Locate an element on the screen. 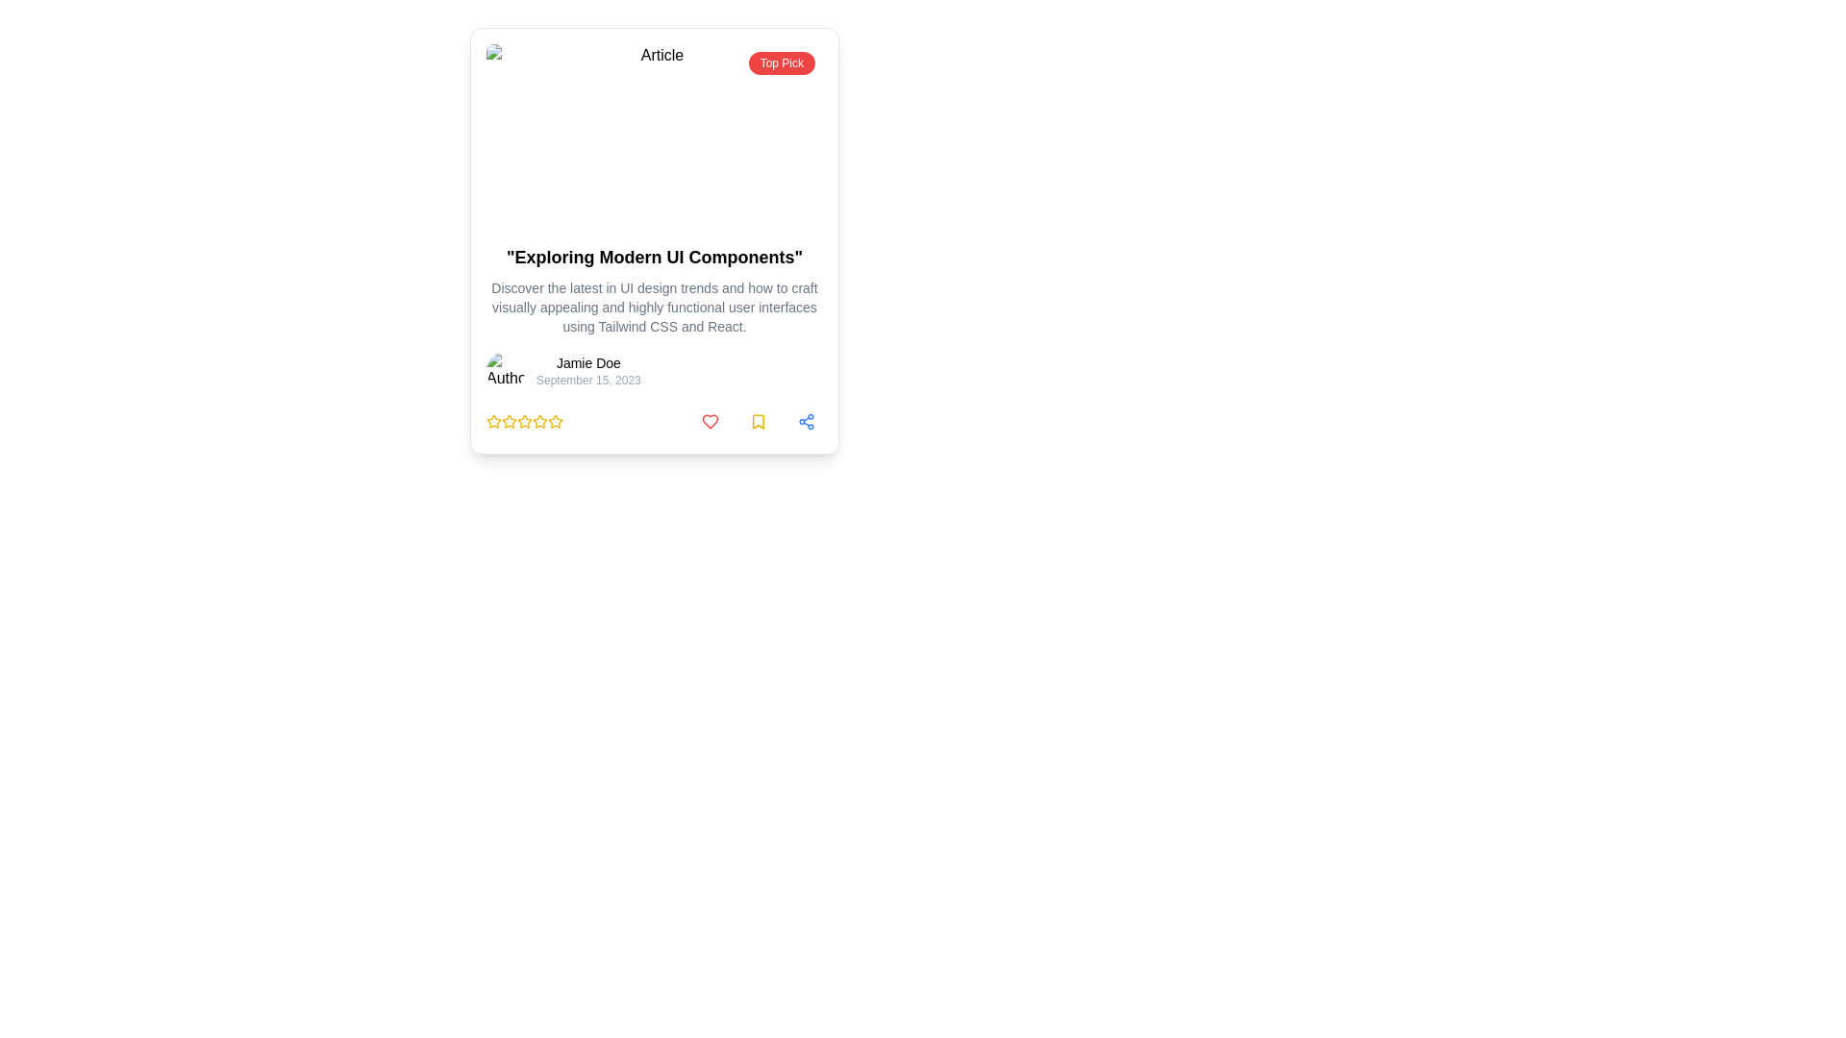 The width and height of the screenshot is (1846, 1038). the sixth star icon in the rating system below the card titled 'Exploring Modern UI Components' is located at coordinates (538, 421).